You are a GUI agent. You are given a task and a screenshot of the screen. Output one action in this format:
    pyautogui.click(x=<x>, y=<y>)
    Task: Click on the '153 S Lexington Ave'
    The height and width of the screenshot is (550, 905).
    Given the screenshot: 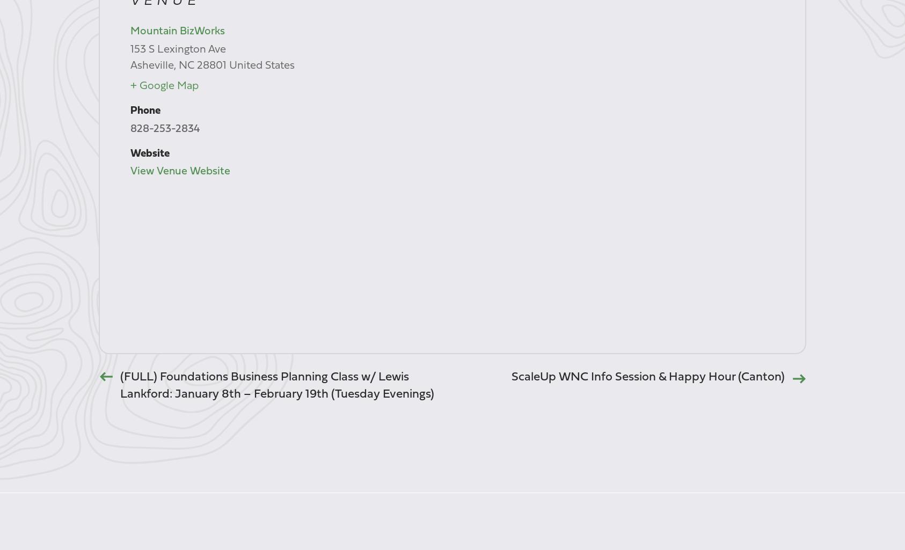 What is the action you would take?
    pyautogui.click(x=177, y=49)
    